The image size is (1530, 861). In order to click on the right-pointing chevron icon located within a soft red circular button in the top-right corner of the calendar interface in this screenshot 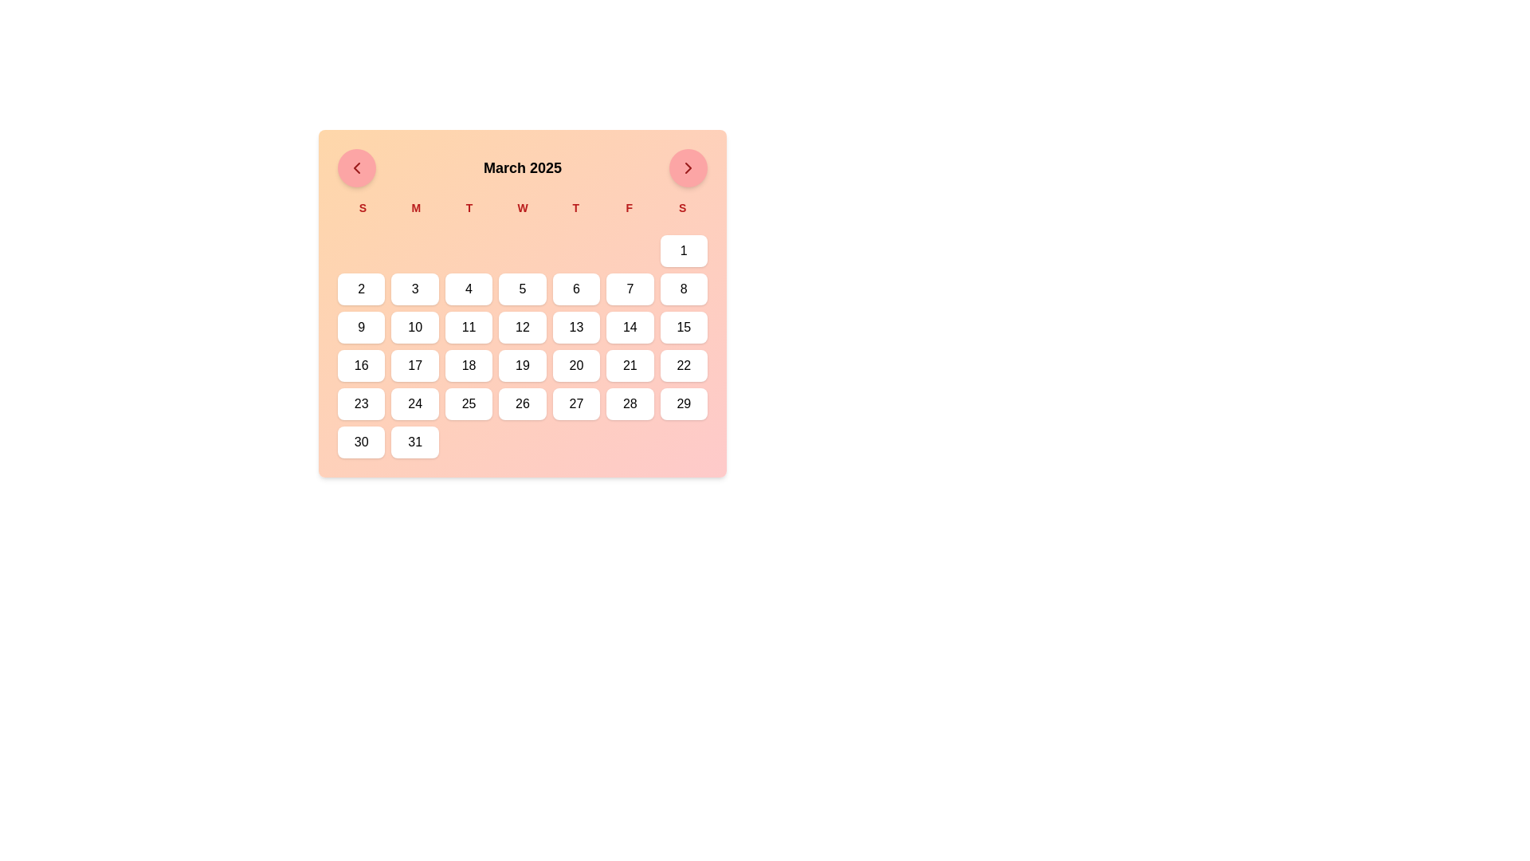, I will do `click(688, 168)`.